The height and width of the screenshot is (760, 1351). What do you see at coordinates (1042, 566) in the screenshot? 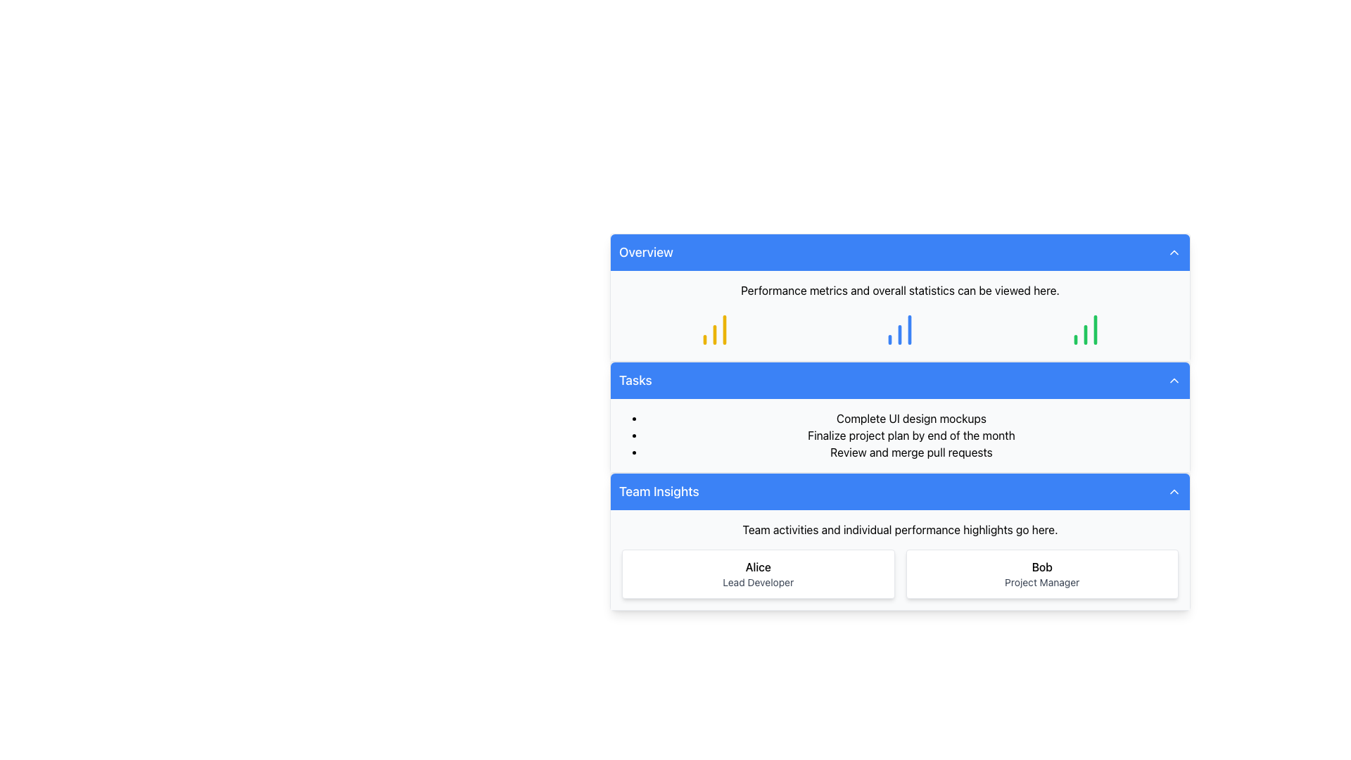
I see `text from the Text Label displaying 'Bob', located within the card to the right of 'Alice' in the 'Team Insights' section` at bounding box center [1042, 566].